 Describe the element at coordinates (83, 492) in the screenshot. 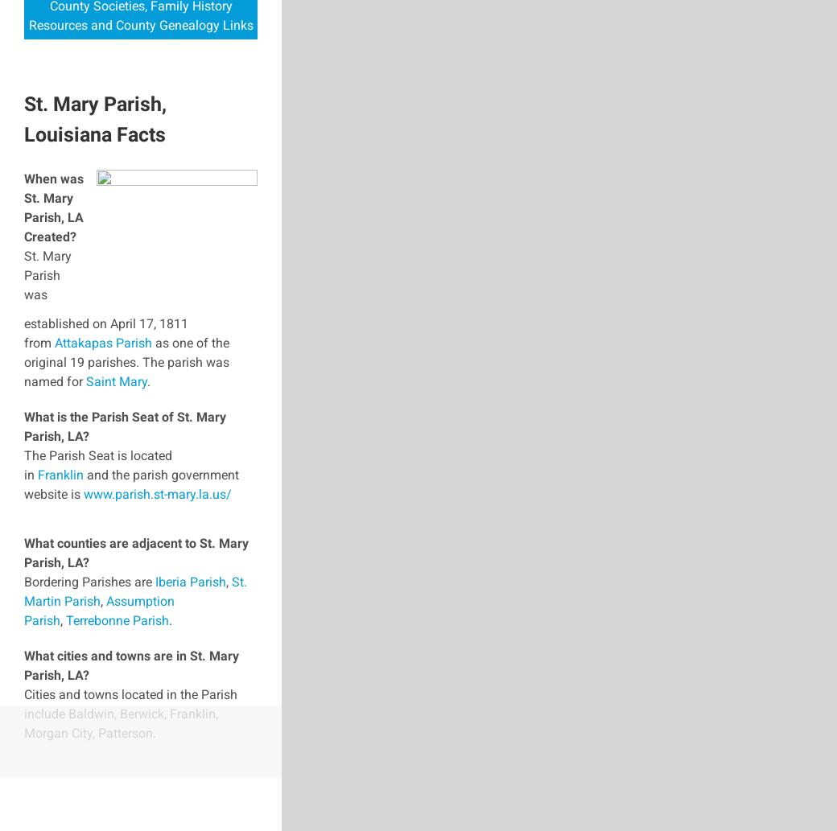

I see `'www.parish.st-mary.la.us/'` at that location.